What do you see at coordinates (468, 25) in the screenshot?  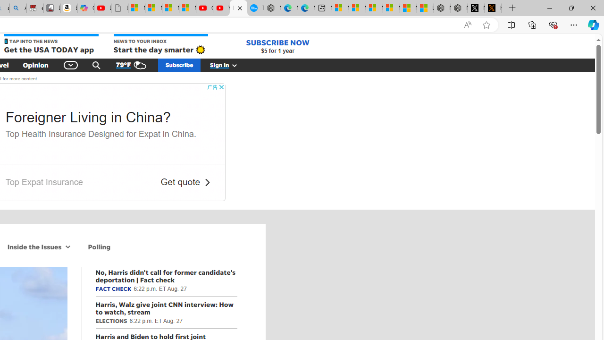 I see `'Read aloud this page (Ctrl+Shift+U)'` at bounding box center [468, 25].